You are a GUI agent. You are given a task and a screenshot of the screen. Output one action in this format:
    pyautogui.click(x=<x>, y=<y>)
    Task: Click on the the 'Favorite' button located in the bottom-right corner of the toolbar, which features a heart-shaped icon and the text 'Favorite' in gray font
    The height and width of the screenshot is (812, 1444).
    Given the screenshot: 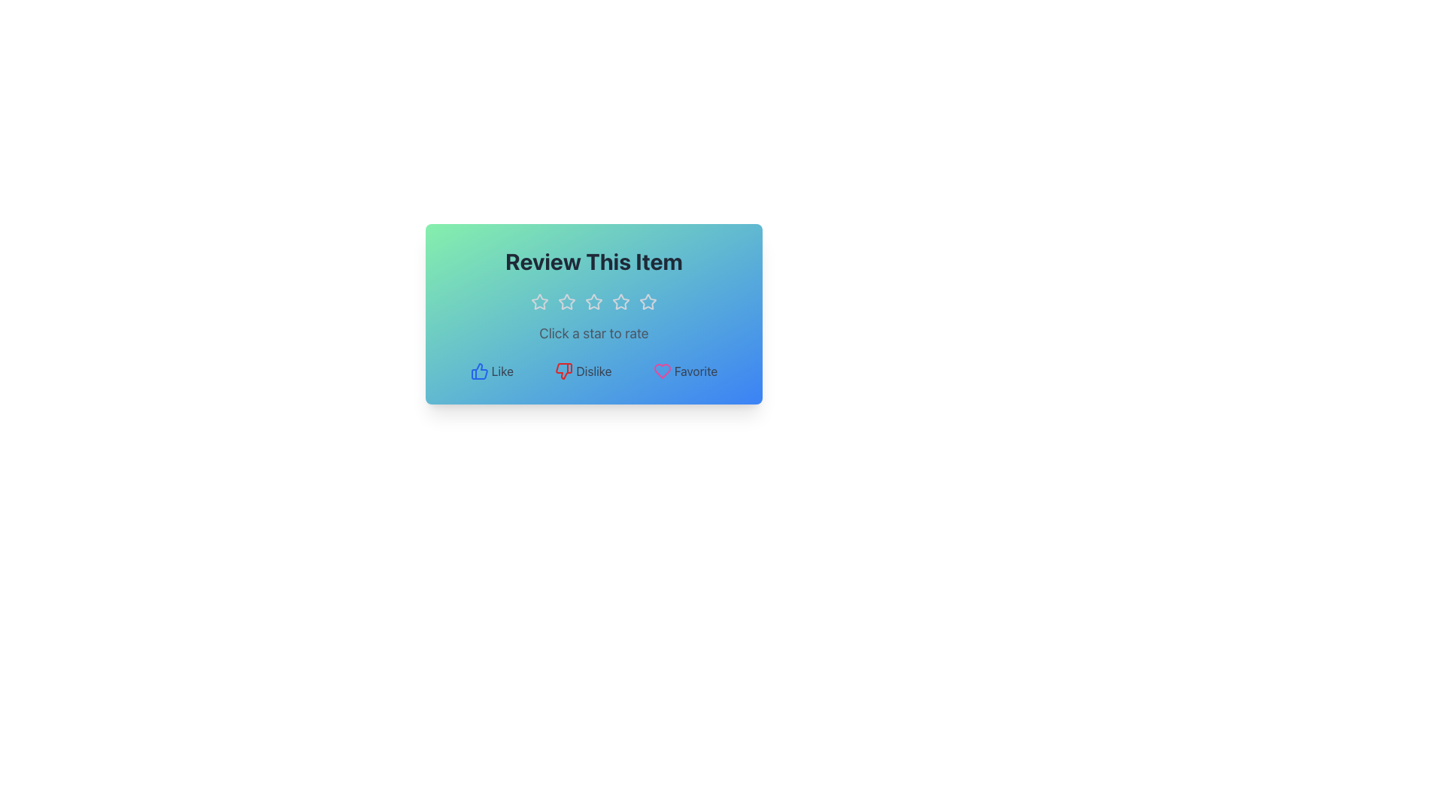 What is the action you would take?
    pyautogui.click(x=684, y=371)
    